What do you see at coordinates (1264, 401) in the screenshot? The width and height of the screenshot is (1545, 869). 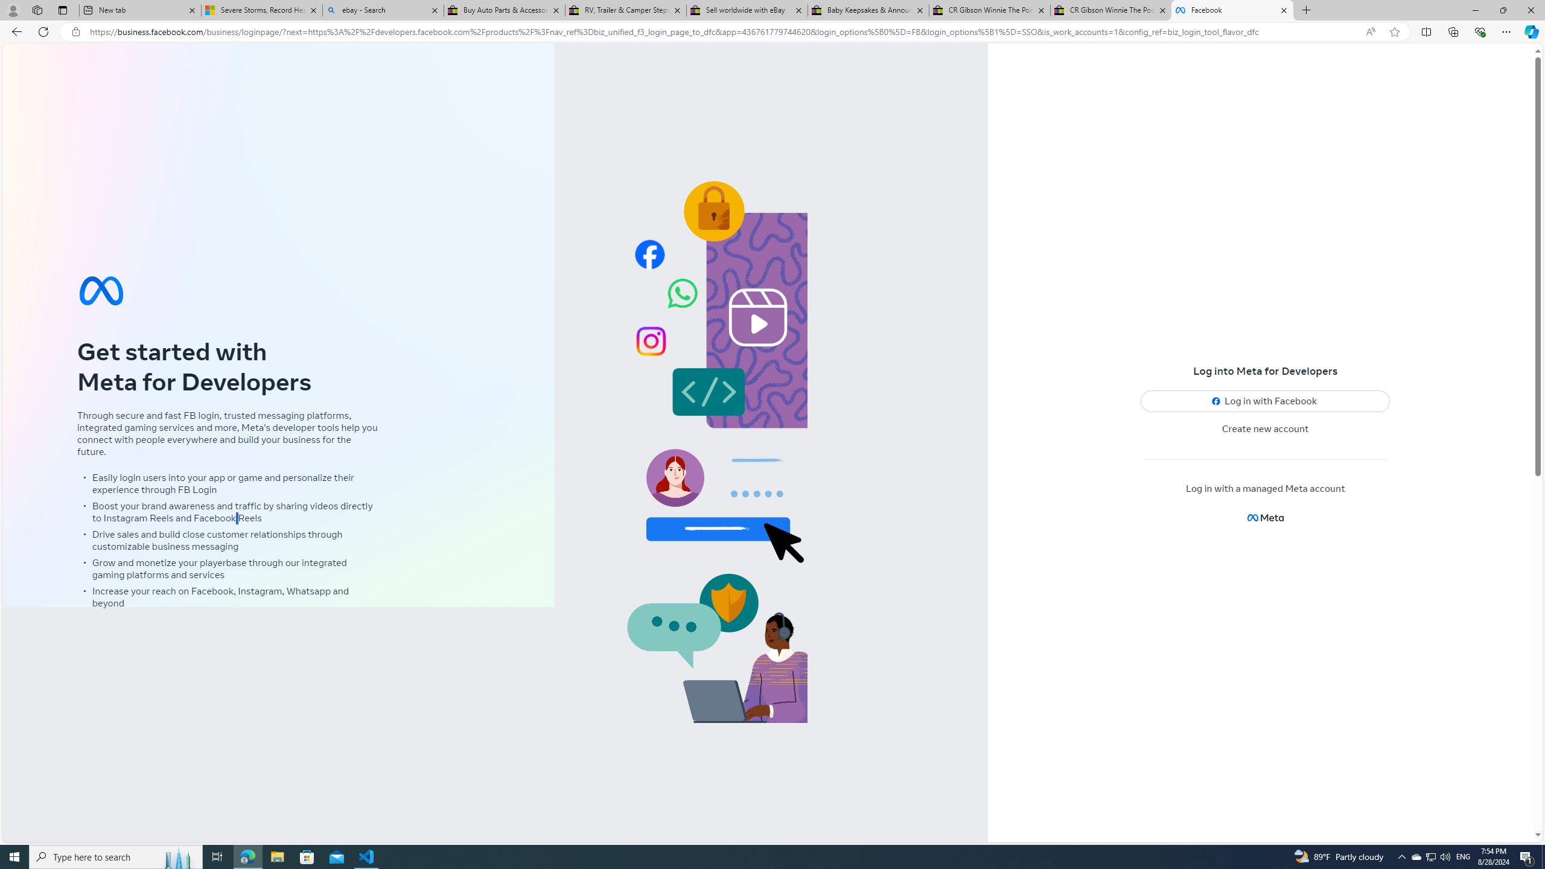 I see `'Log in with Facebook'` at bounding box center [1264, 401].